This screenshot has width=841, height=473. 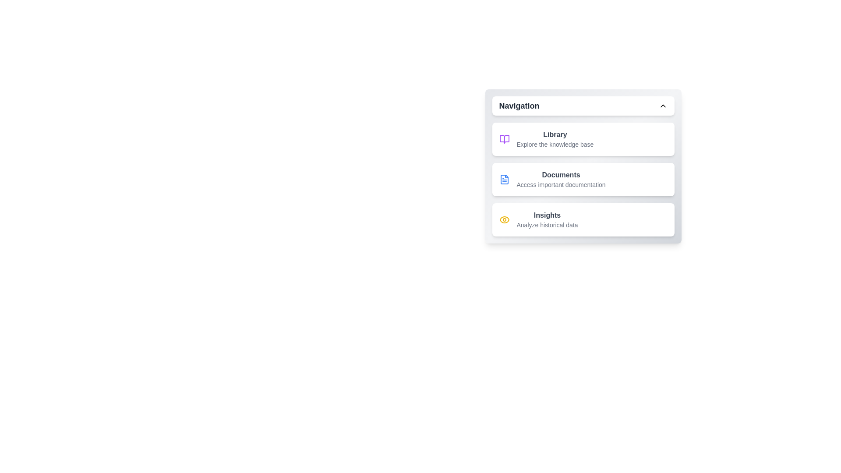 I want to click on the text of the menu item Insights, so click(x=526, y=219).